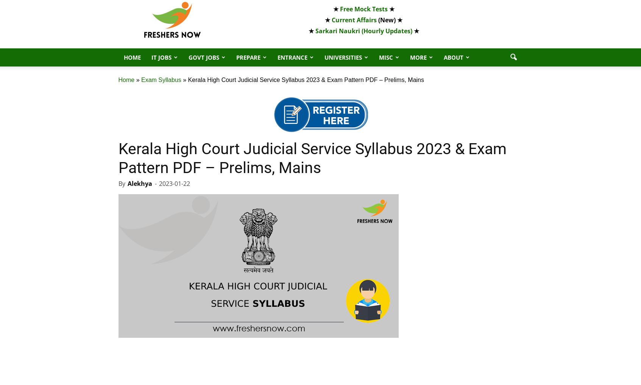  I want to click on 'Alekhya', so click(139, 183).